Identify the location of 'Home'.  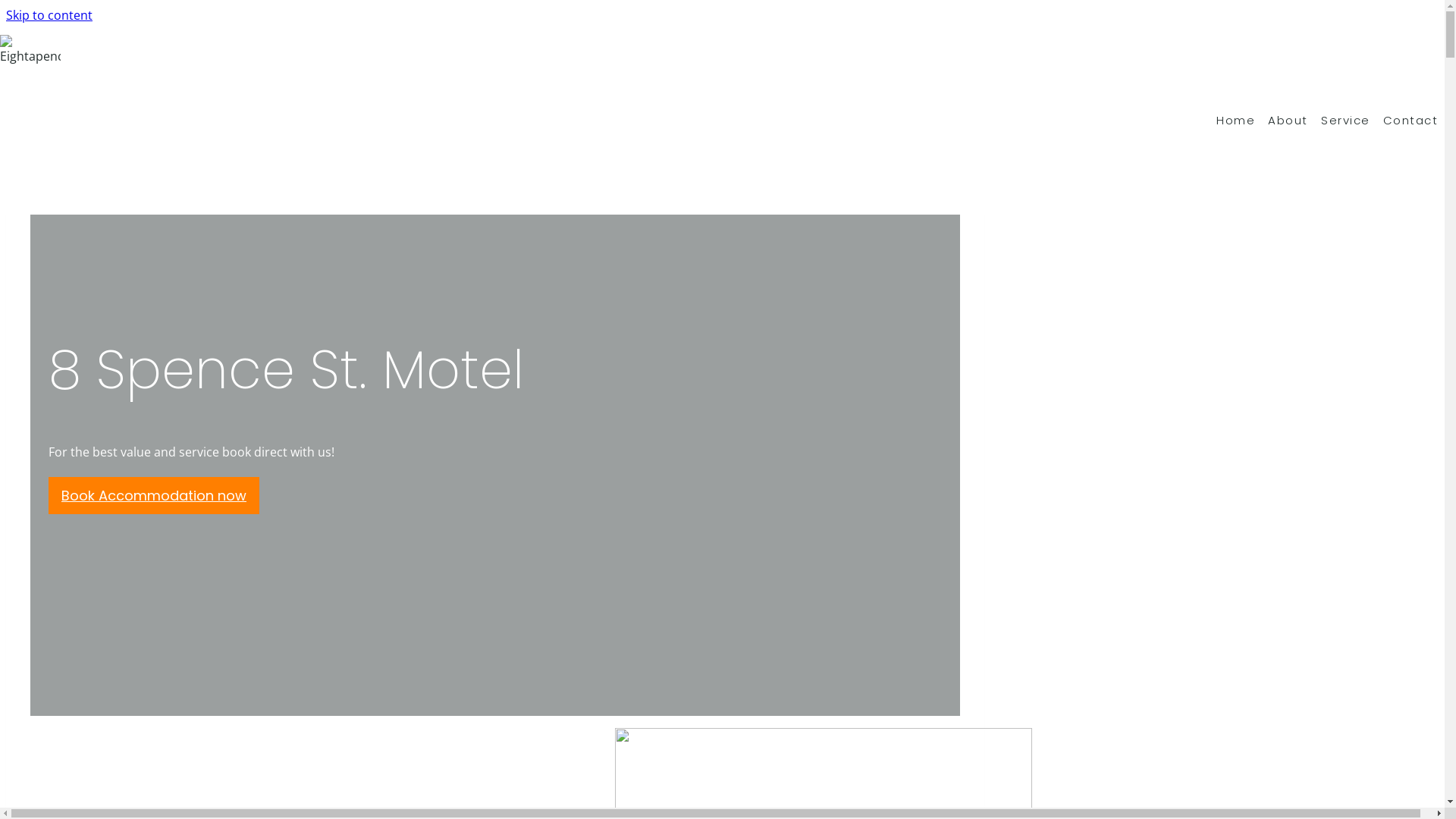
(1242, 119).